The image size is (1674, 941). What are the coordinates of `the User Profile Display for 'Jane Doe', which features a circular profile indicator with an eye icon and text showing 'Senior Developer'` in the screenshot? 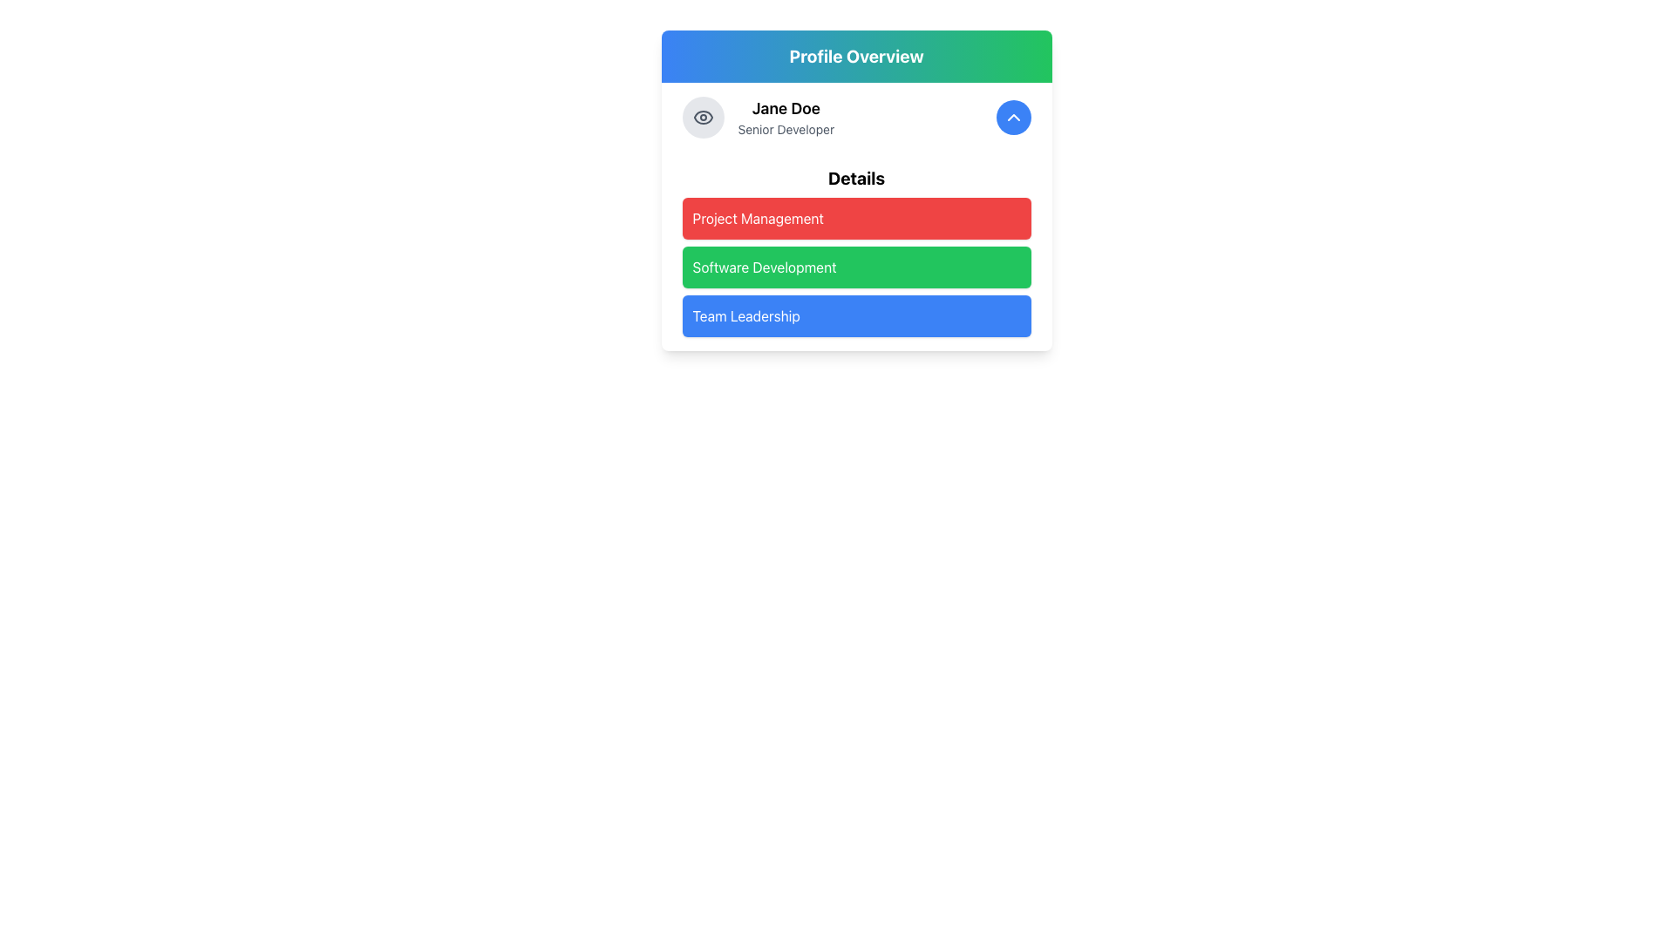 It's located at (758, 118).